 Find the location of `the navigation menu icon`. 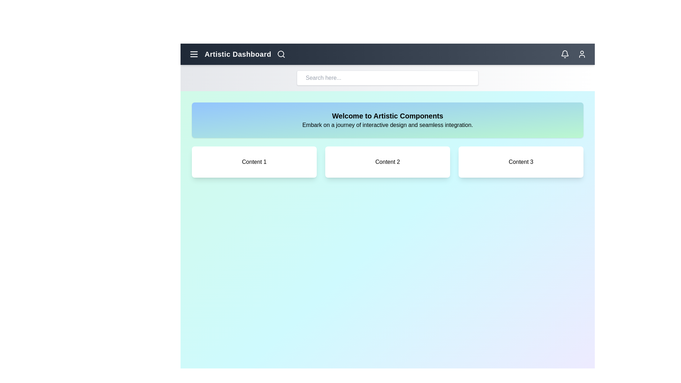

the navigation menu icon is located at coordinates (194, 54).